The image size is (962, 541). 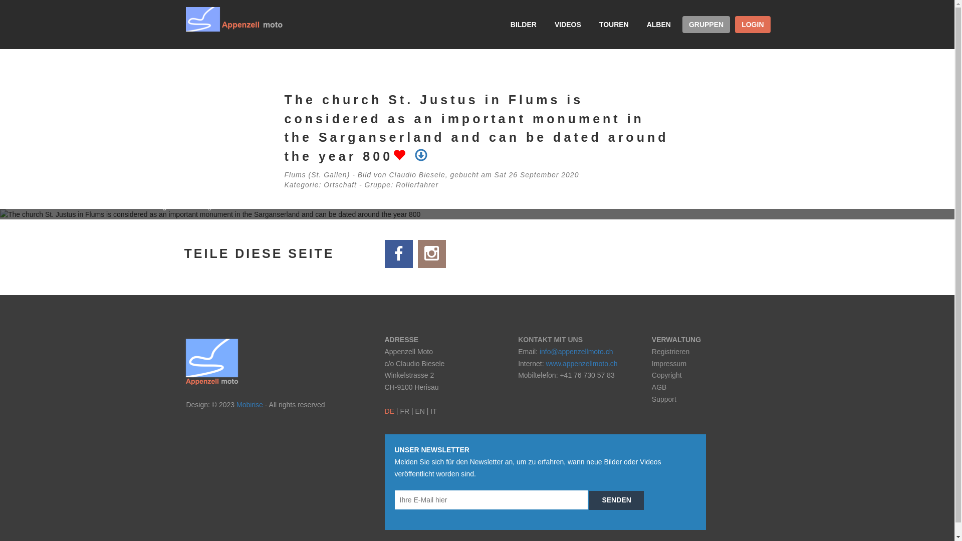 I want to click on 'Impressum', so click(x=669, y=363).